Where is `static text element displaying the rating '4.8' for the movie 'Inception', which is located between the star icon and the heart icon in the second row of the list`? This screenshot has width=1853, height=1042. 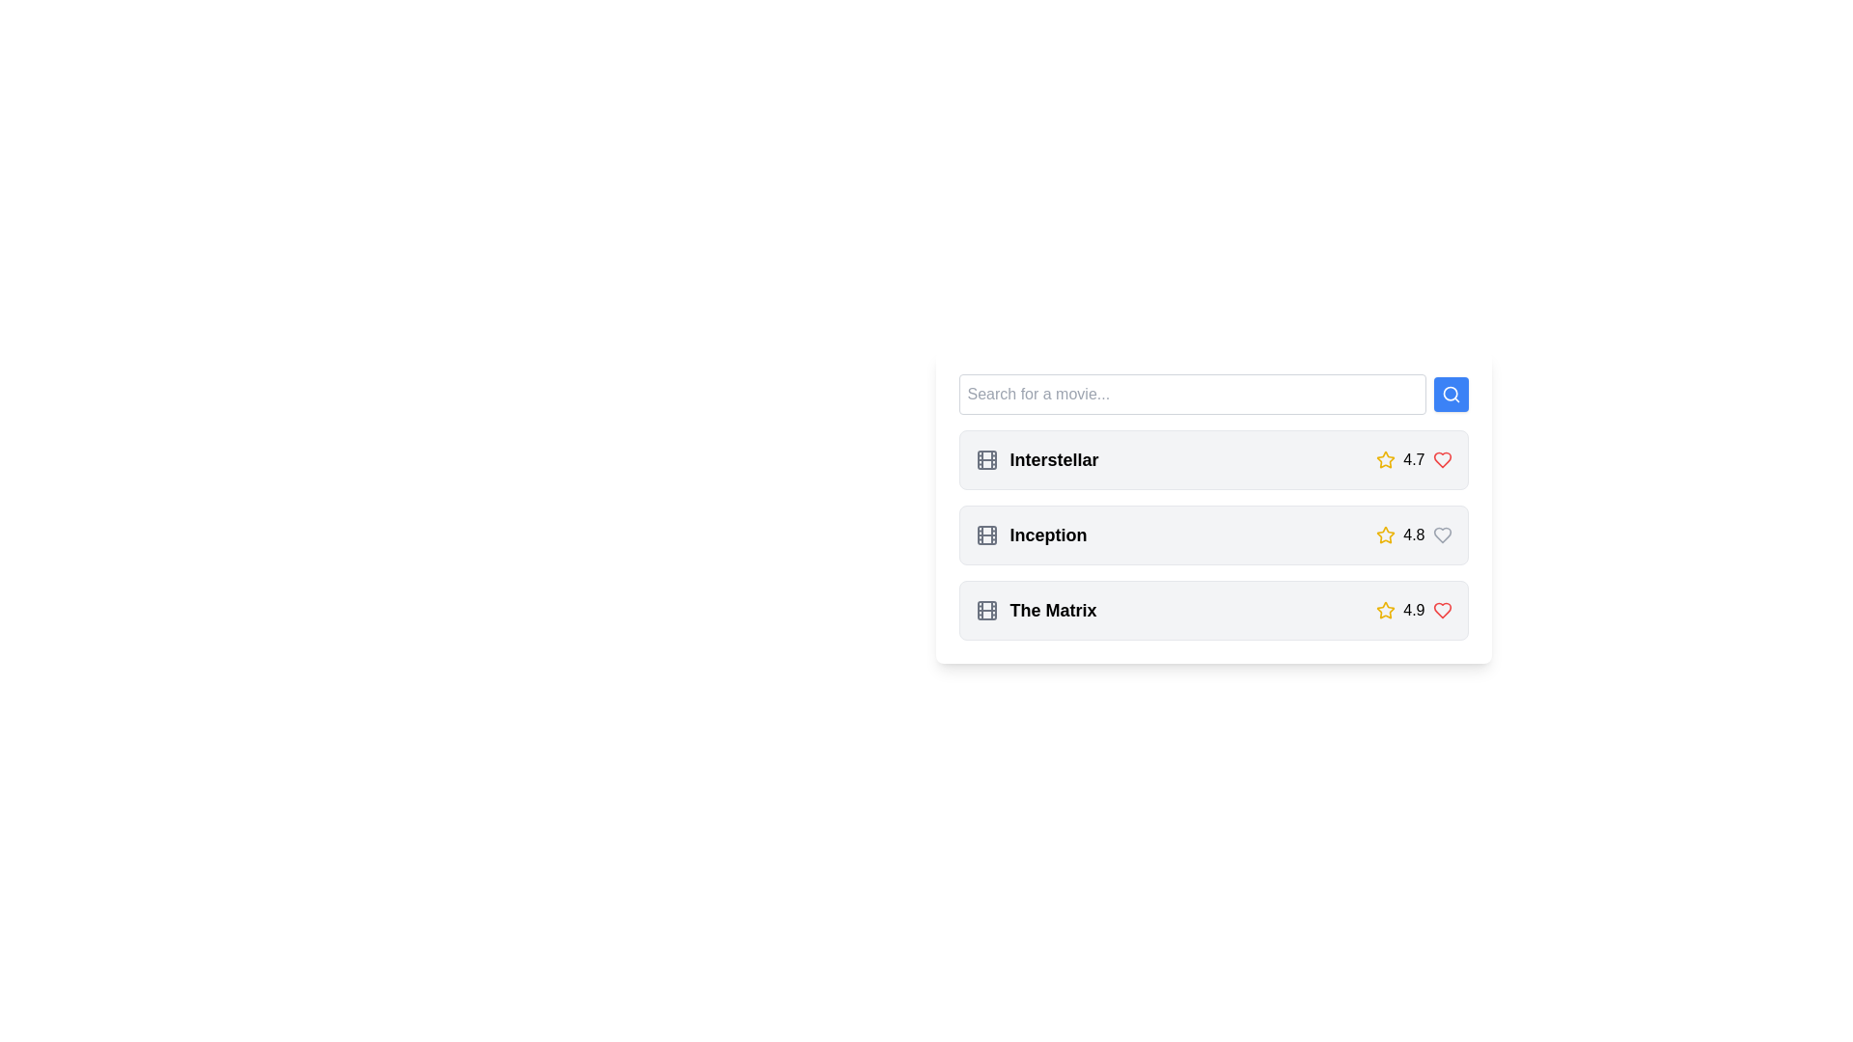
static text element displaying the rating '4.8' for the movie 'Inception', which is located between the star icon and the heart icon in the second row of the list is located at coordinates (1414, 535).